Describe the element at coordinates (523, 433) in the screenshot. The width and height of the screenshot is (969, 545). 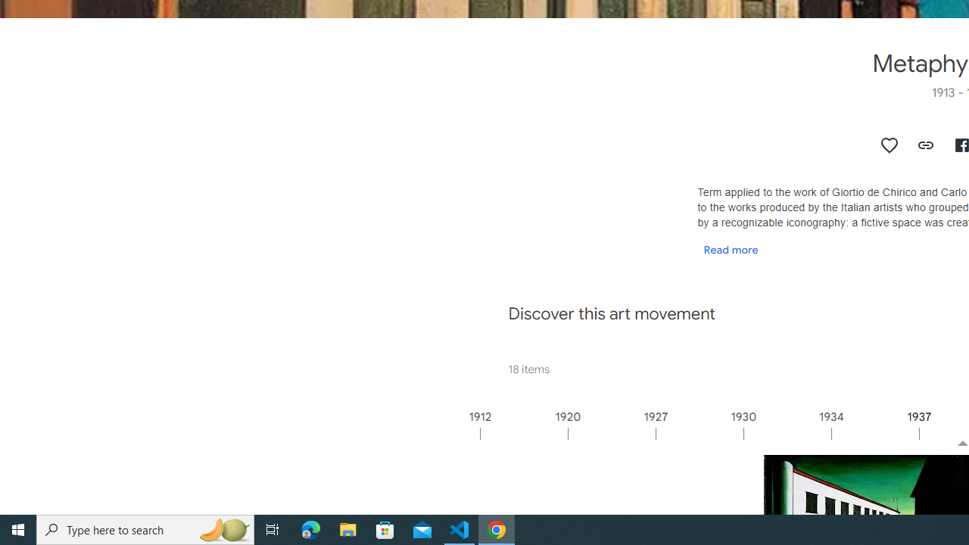
I see `'1912'` at that location.